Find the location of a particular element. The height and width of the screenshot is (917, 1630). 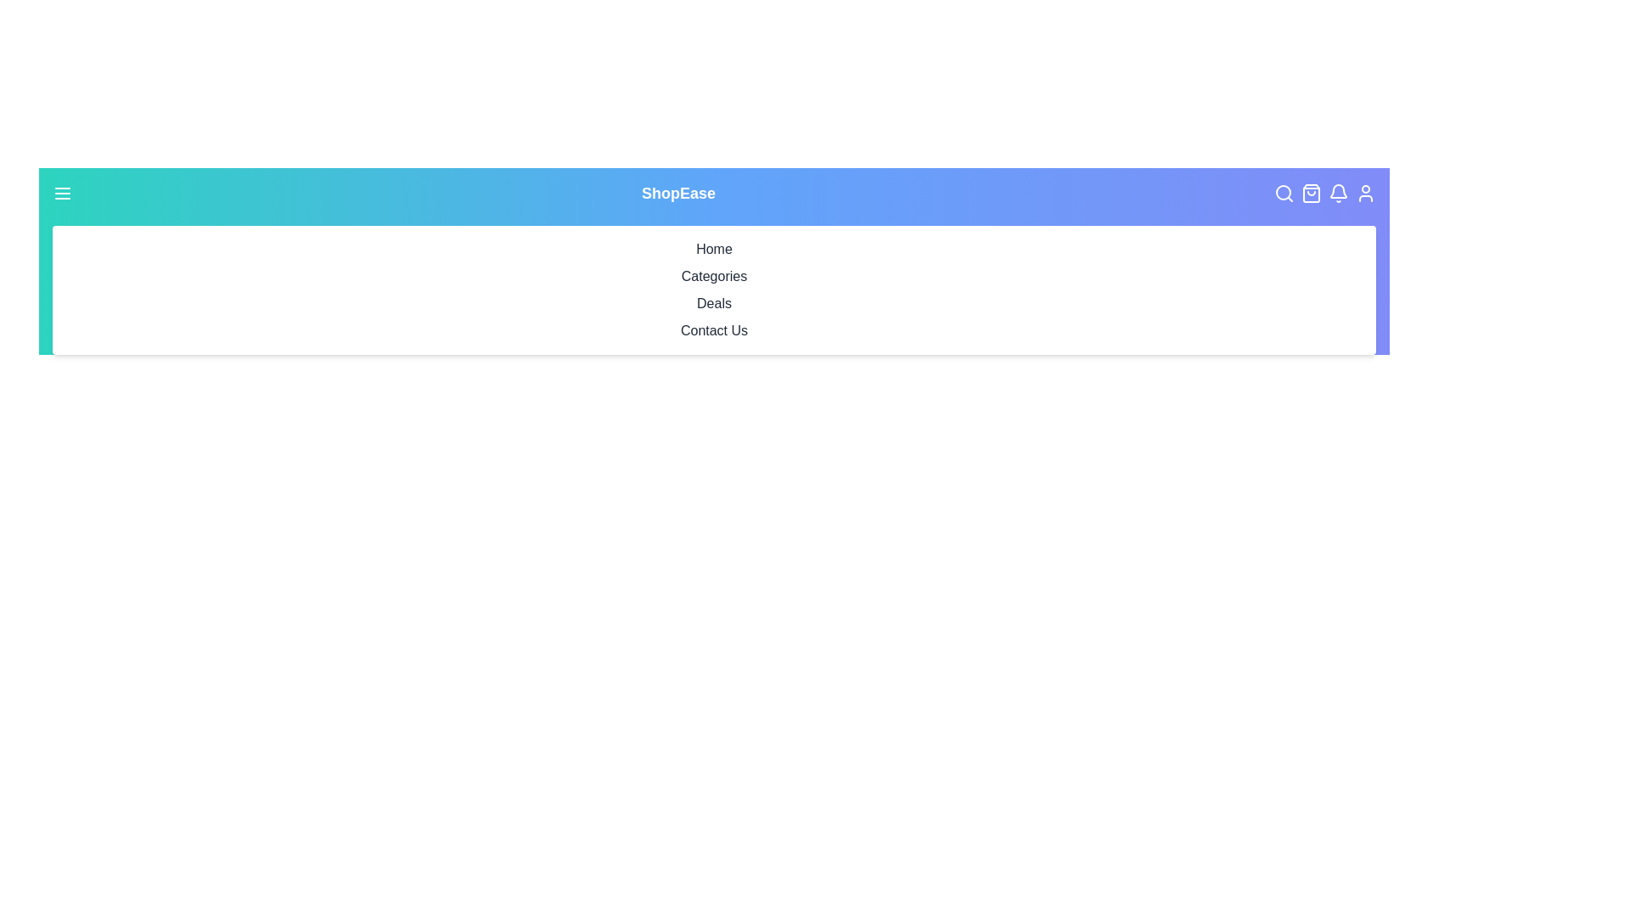

the menu button to toggle the menu visibility is located at coordinates (62, 192).